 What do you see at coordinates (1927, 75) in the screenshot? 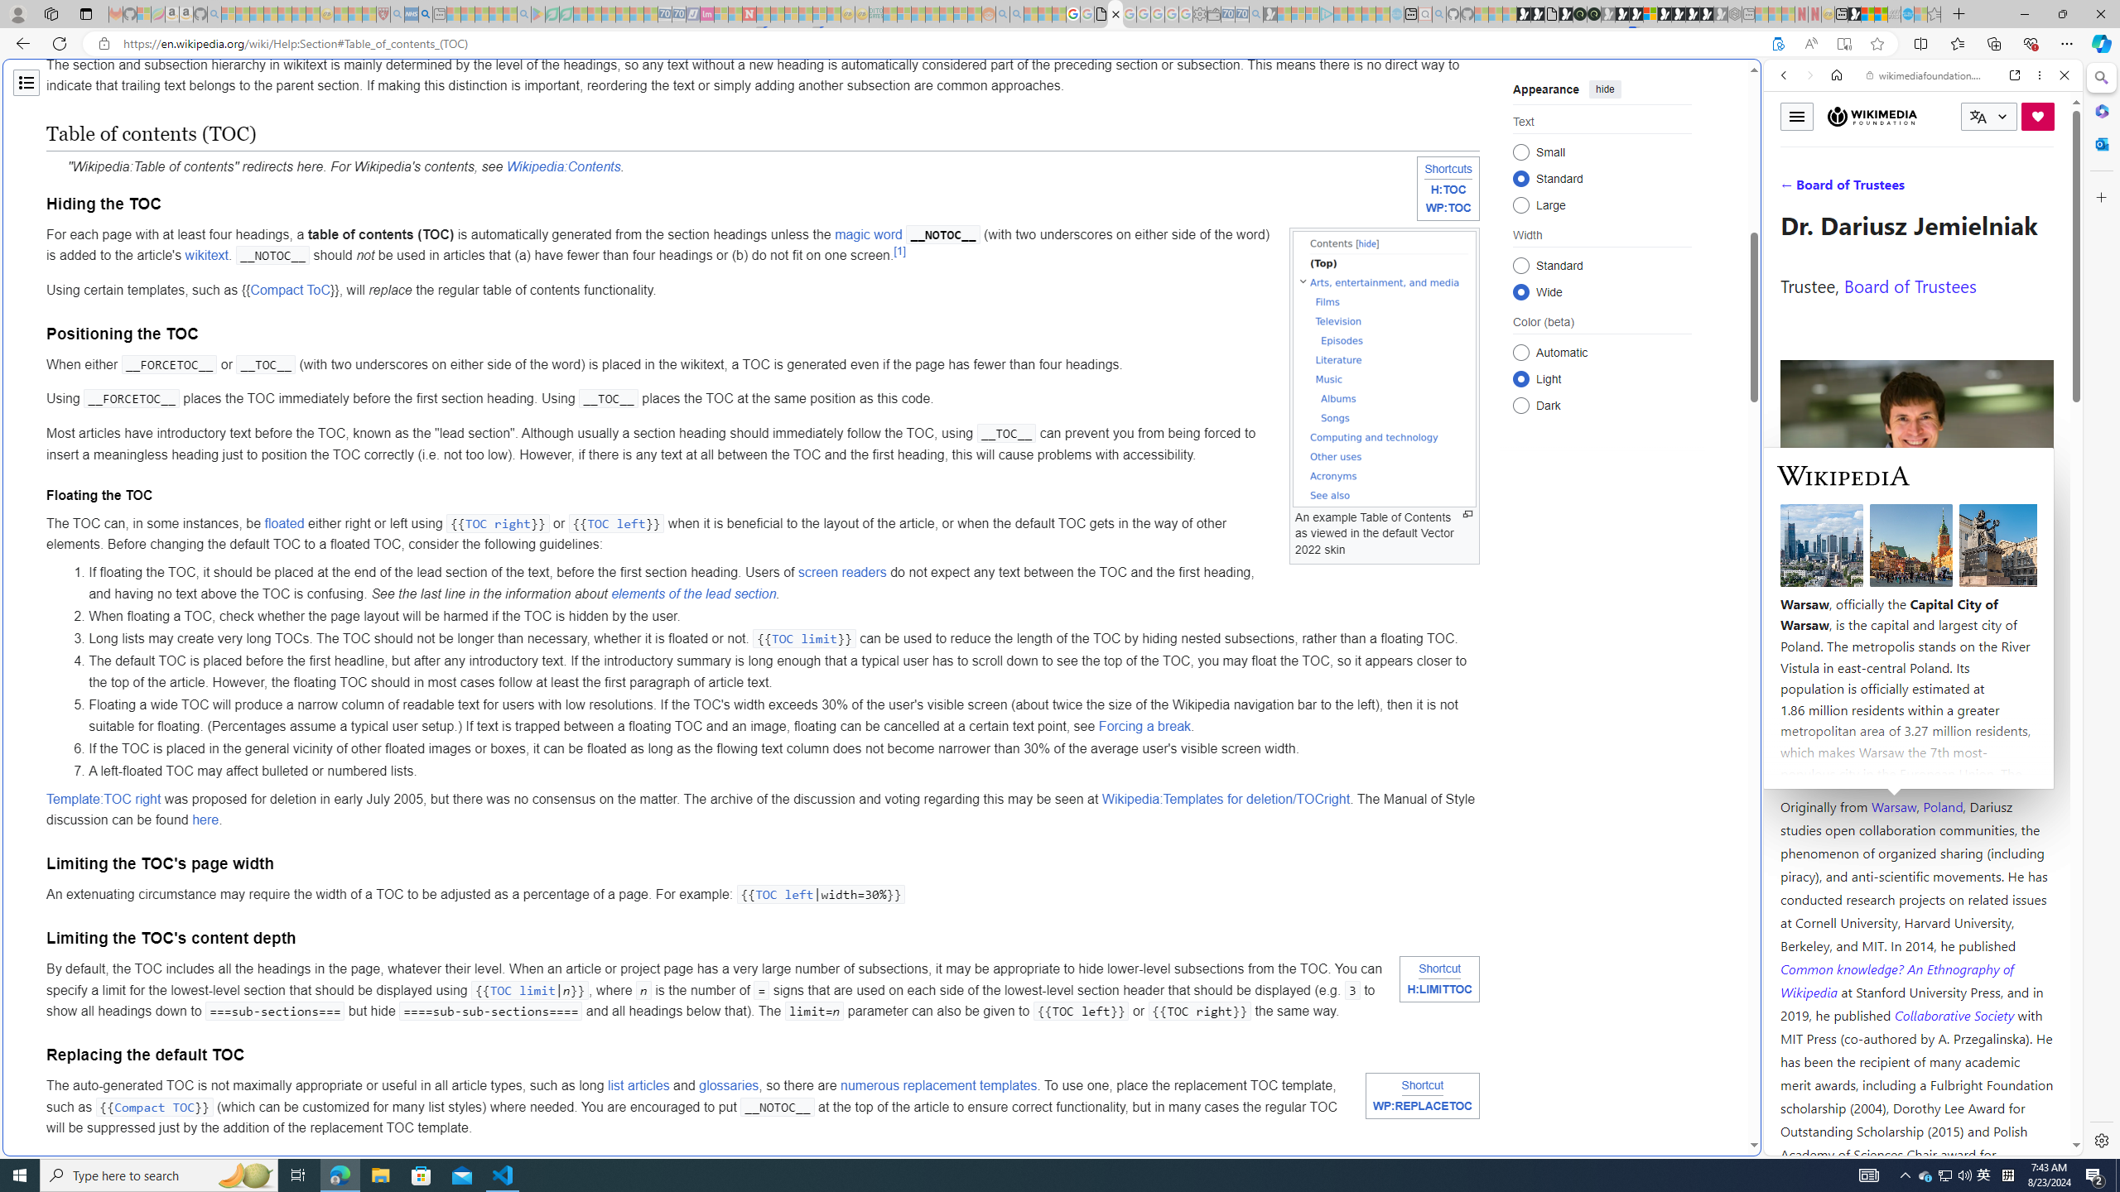
I see `'wikimediafoundation.org'` at bounding box center [1927, 75].